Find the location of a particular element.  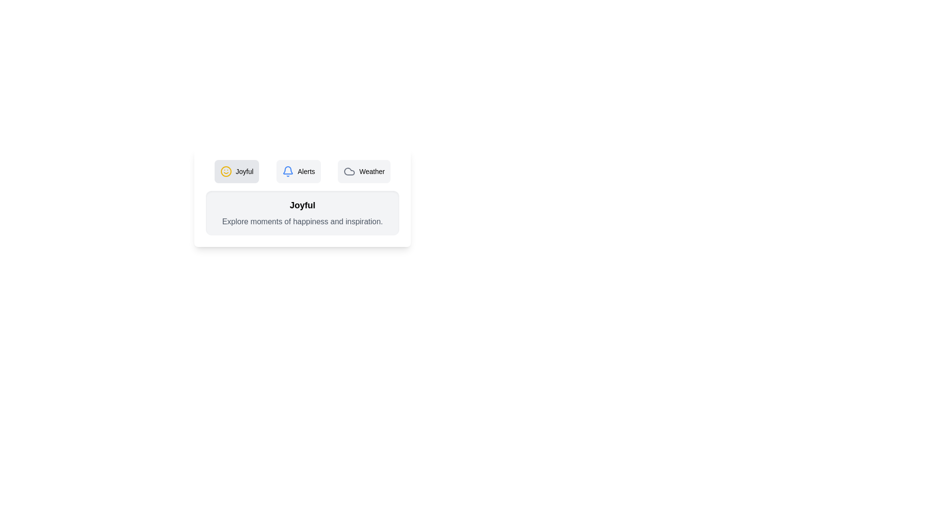

the Alerts tab to observe visual feedback is located at coordinates (298, 171).